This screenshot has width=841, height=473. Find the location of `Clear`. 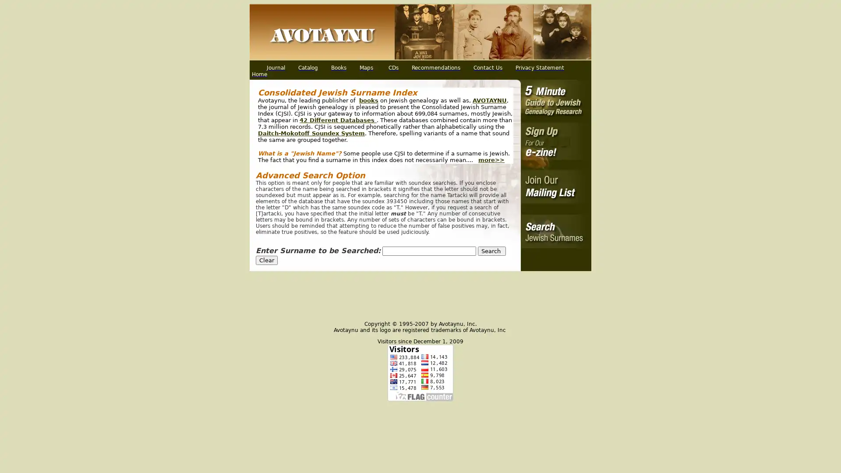

Clear is located at coordinates (266, 260).